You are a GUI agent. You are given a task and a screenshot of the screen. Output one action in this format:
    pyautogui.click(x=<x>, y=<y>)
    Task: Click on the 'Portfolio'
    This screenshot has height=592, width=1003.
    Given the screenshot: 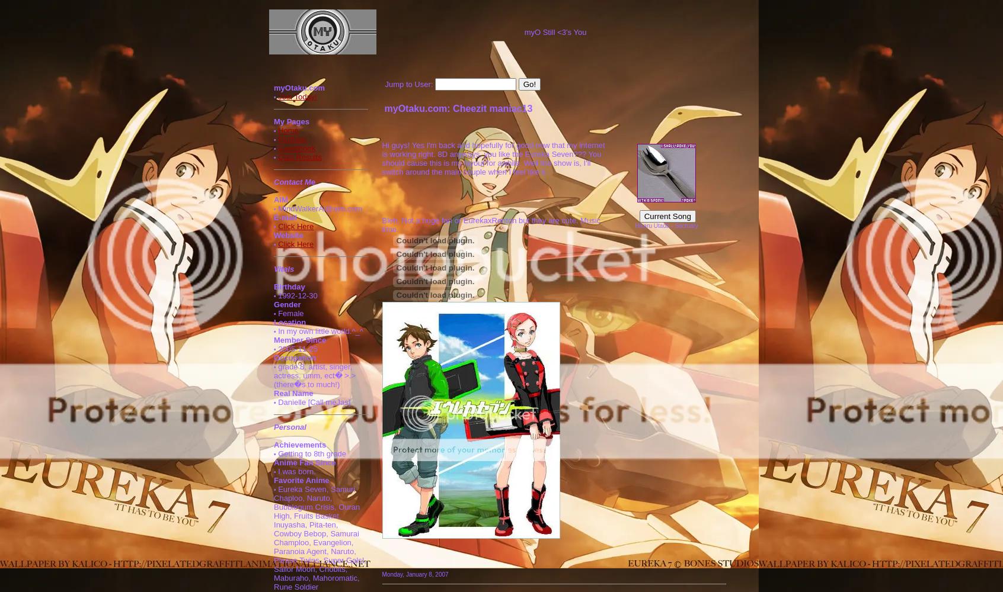 What is the action you would take?
    pyautogui.click(x=291, y=139)
    